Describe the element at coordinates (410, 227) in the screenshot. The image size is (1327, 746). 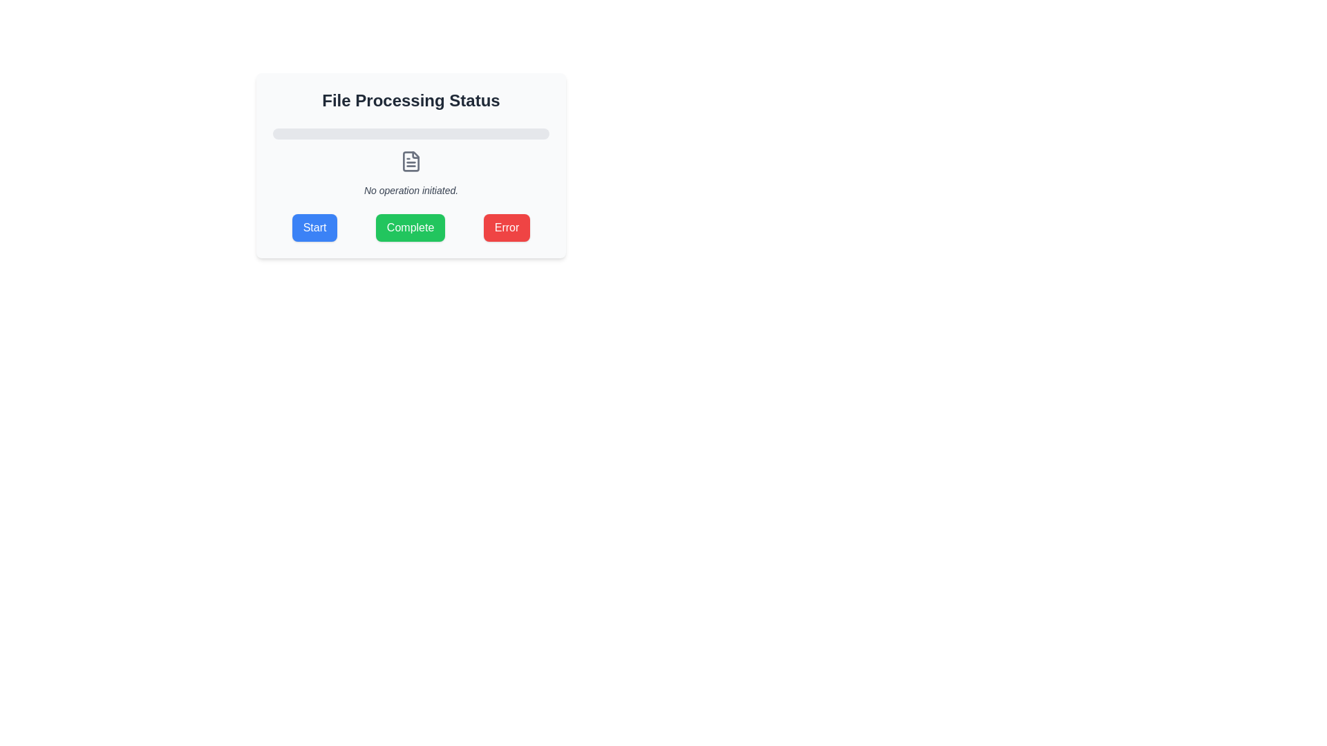
I see `the 'Complete' button, which is centrally located among three buttons labeled 'Start', 'Complete', and 'Error', to observe the hover effect` at that location.